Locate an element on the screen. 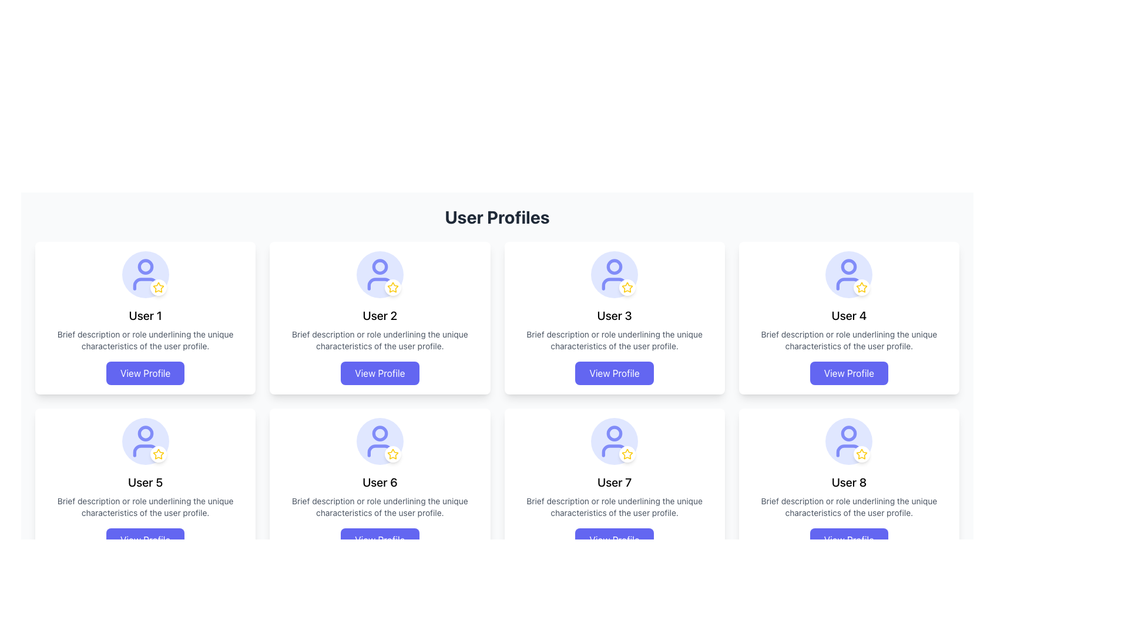 Image resolution: width=1128 pixels, height=634 pixels. the Text Label that provides descriptive information related to the user profile in the 'User Profiles' section, specifically located below the 'User 2' title and above the 'View Profile' button is located at coordinates (380, 340).